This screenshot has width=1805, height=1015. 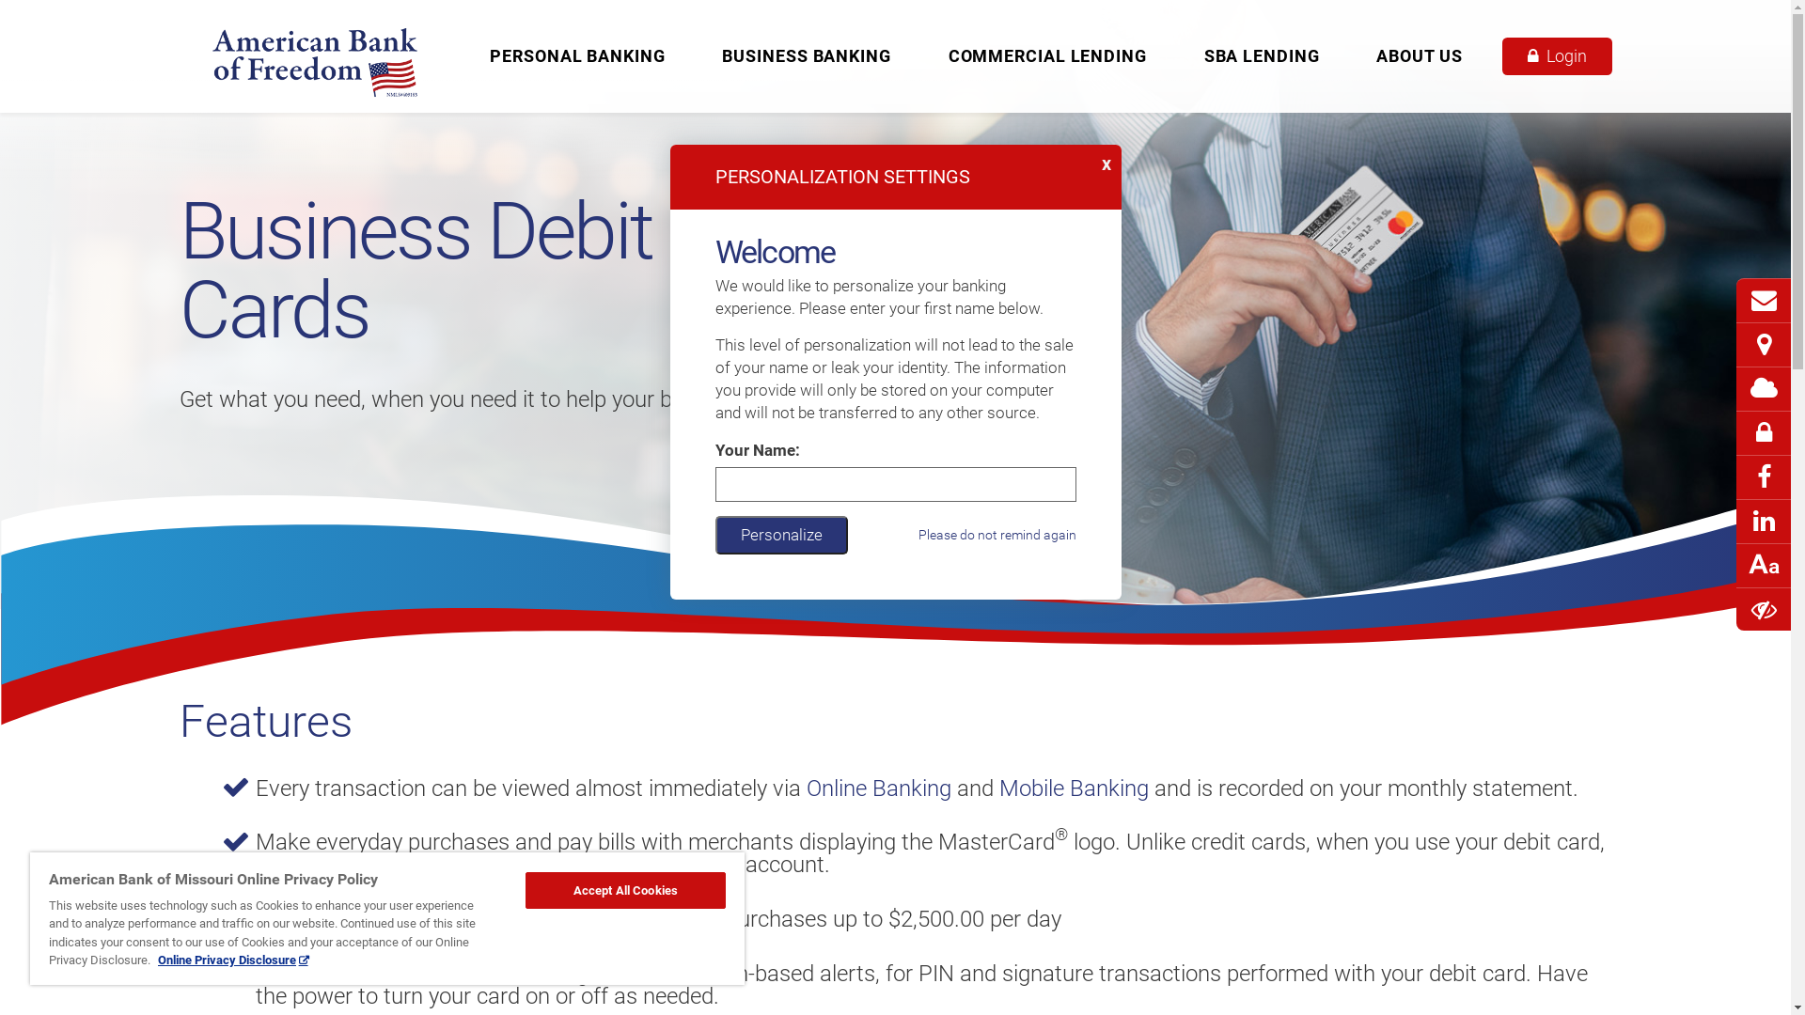 I want to click on 'x', so click(x=1109, y=157).